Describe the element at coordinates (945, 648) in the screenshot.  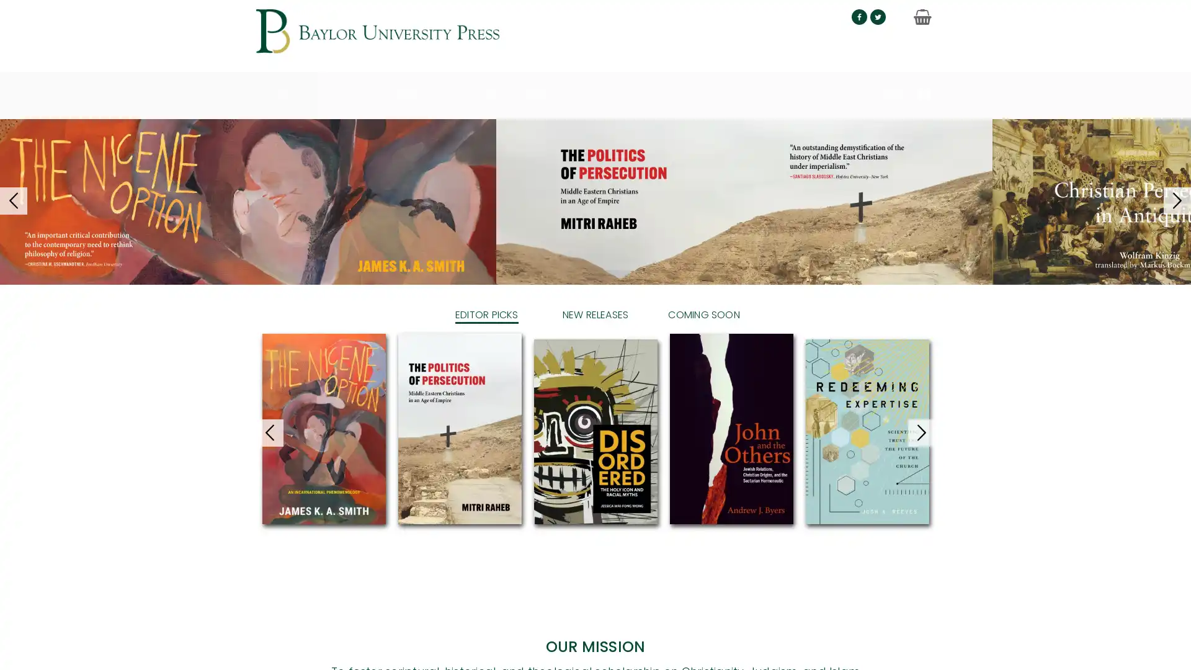
I see `Next` at that location.